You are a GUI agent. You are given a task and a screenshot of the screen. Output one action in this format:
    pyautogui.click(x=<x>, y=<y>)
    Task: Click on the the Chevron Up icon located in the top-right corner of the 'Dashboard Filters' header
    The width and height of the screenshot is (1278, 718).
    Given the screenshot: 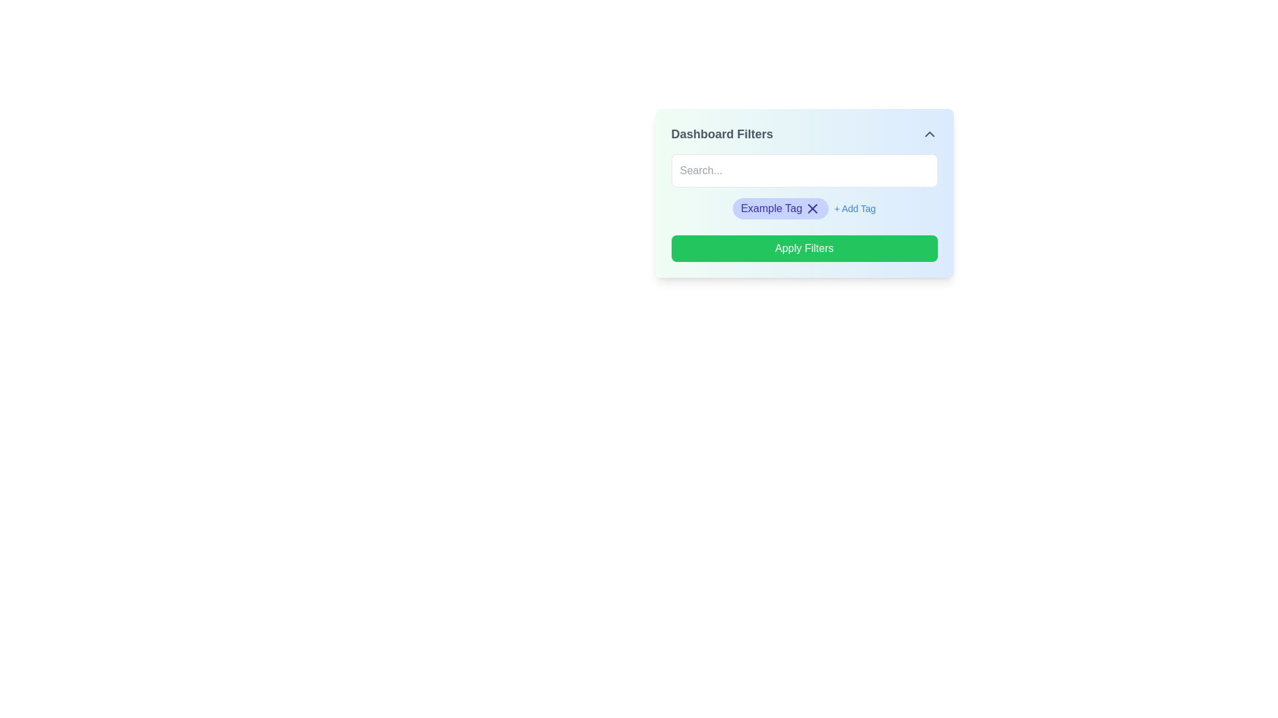 What is the action you would take?
    pyautogui.click(x=929, y=134)
    